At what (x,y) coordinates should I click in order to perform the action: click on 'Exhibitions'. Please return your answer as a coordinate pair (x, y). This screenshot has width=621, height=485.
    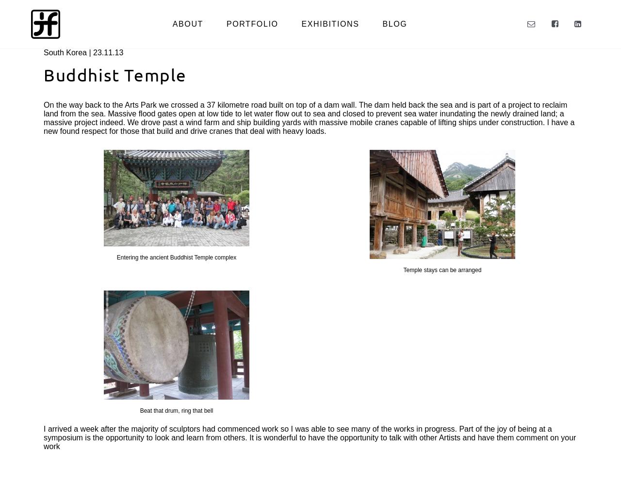
    Looking at the image, I should click on (330, 24).